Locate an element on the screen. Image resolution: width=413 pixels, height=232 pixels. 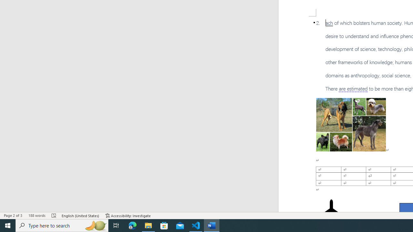
'Accessibility Checker Accessibility: Investigate' is located at coordinates (128, 216).